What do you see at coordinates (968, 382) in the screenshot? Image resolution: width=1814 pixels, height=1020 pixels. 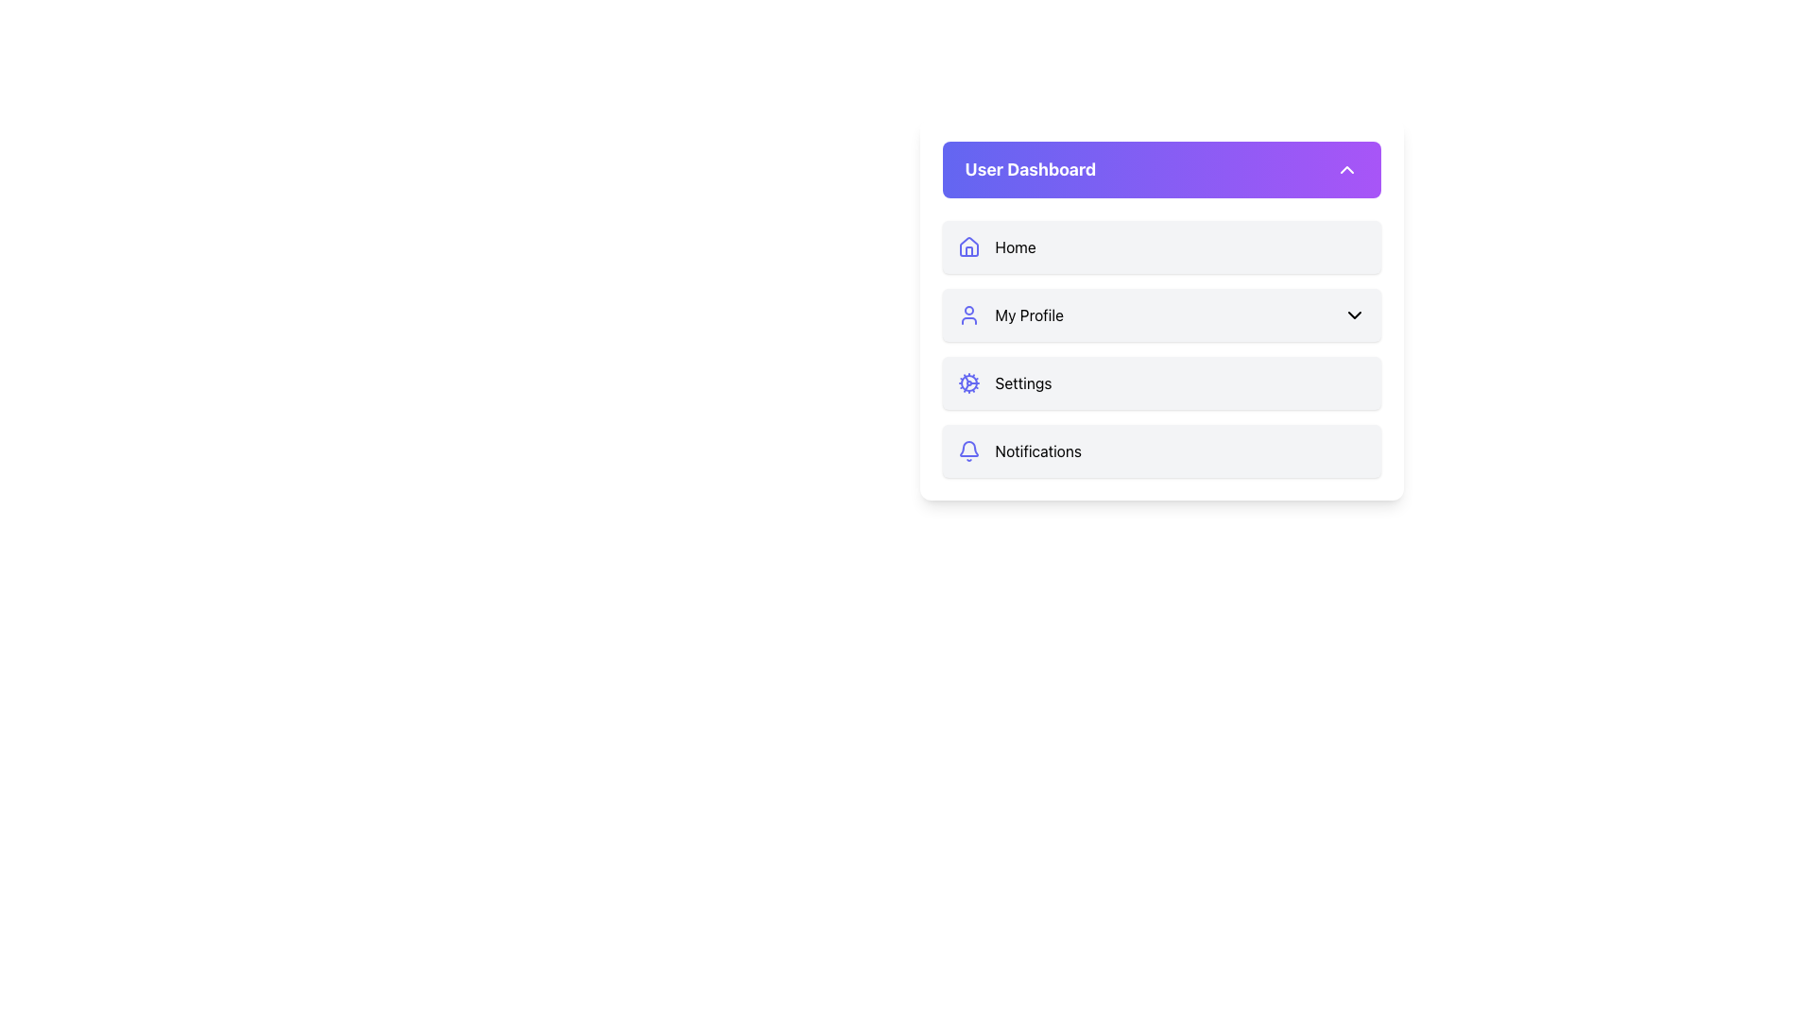 I see `the settings icon located to the left of the text 'Settings' in the User Dashboard menu` at bounding box center [968, 382].